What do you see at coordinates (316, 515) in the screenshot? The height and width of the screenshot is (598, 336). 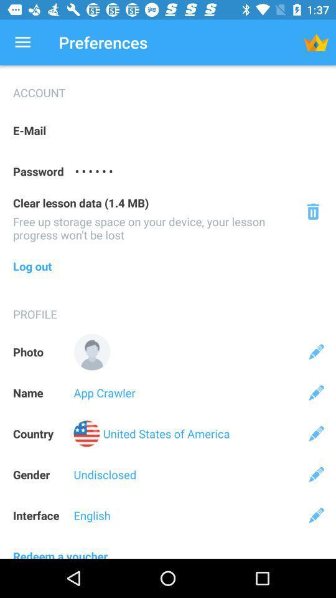 I see `the icon above the redeem a voucher` at bounding box center [316, 515].